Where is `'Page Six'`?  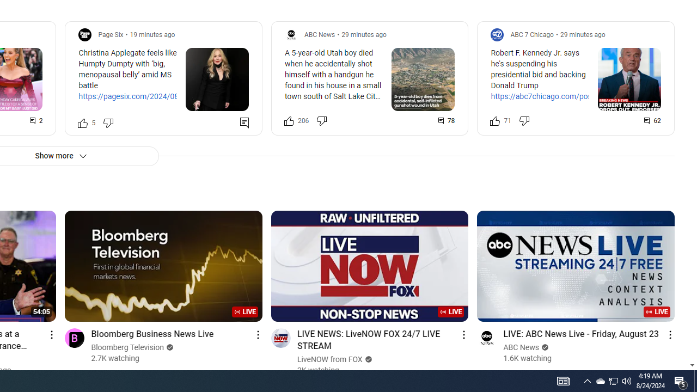
'Page Six' is located at coordinates (111, 34).